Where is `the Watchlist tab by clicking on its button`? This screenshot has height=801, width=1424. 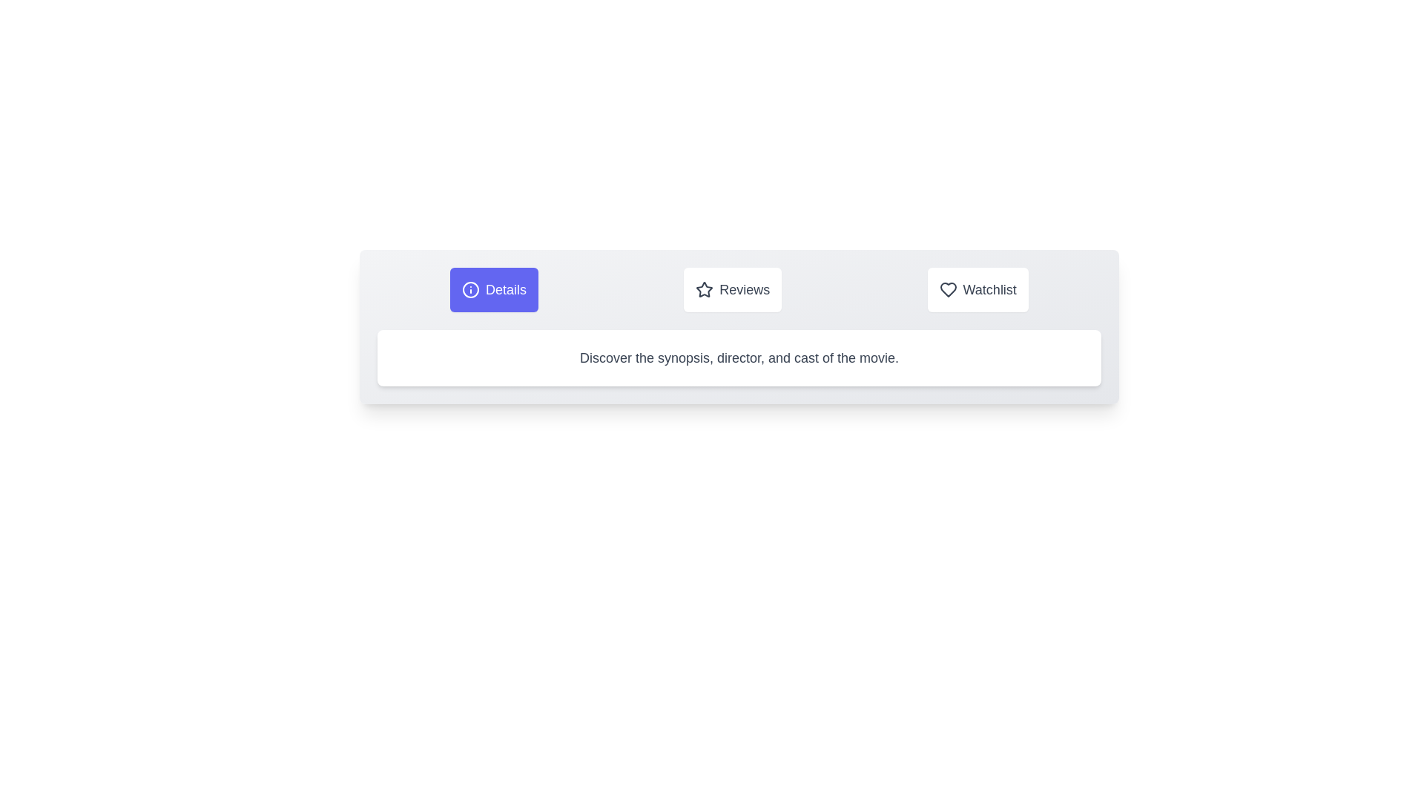 the Watchlist tab by clicking on its button is located at coordinates (978, 289).